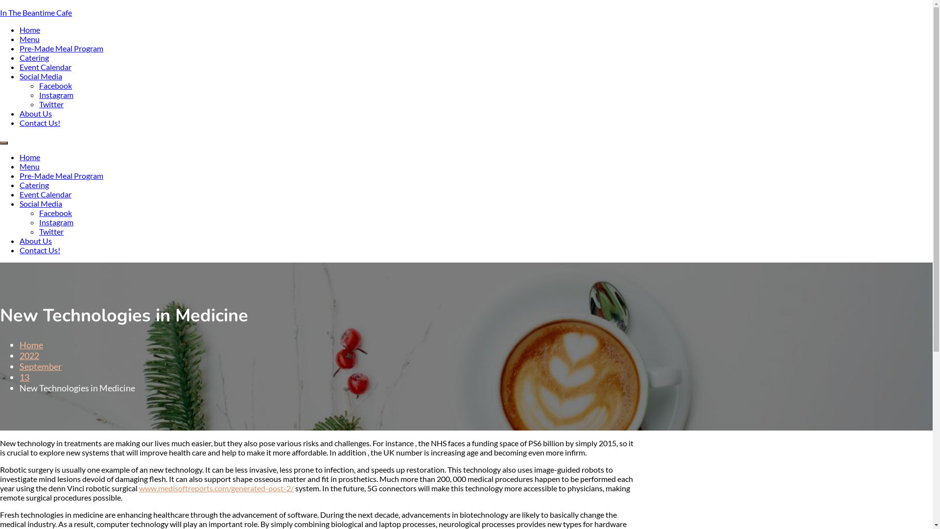  What do you see at coordinates (35, 240) in the screenshot?
I see `'About Us'` at bounding box center [35, 240].